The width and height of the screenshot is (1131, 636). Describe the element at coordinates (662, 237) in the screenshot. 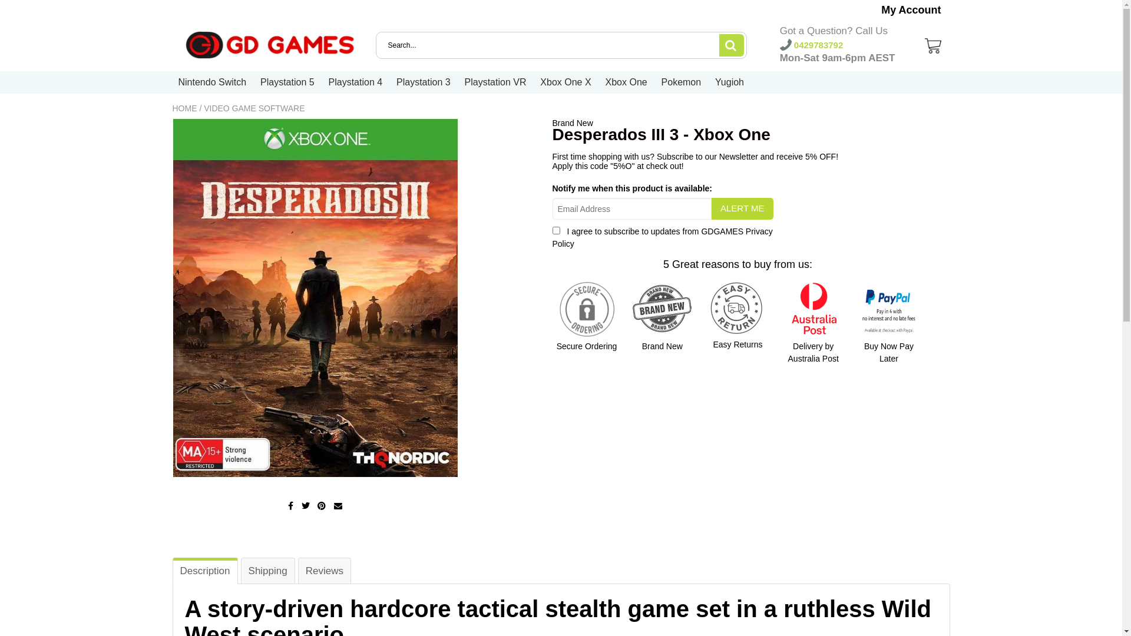

I see `'Privacy Policy'` at that location.